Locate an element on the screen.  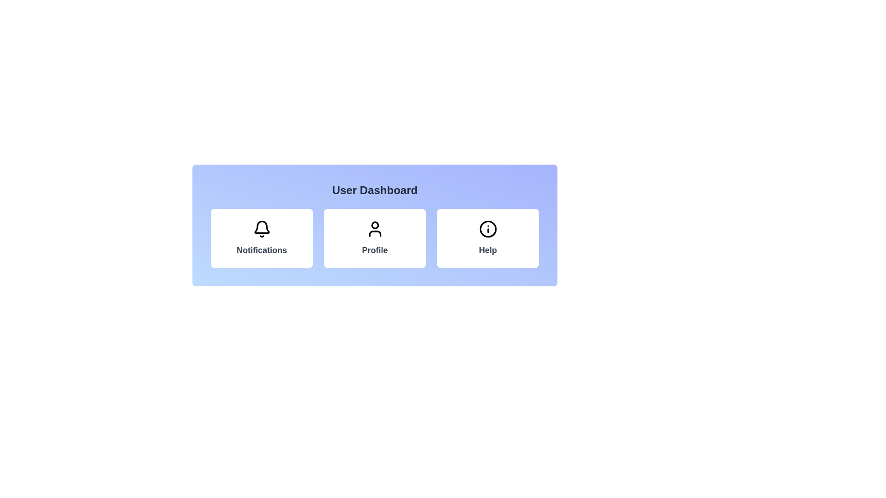
the 'Profile' button, which features a user icon above a bold 'Profile' label with a white background and rounded border is located at coordinates (375, 237).